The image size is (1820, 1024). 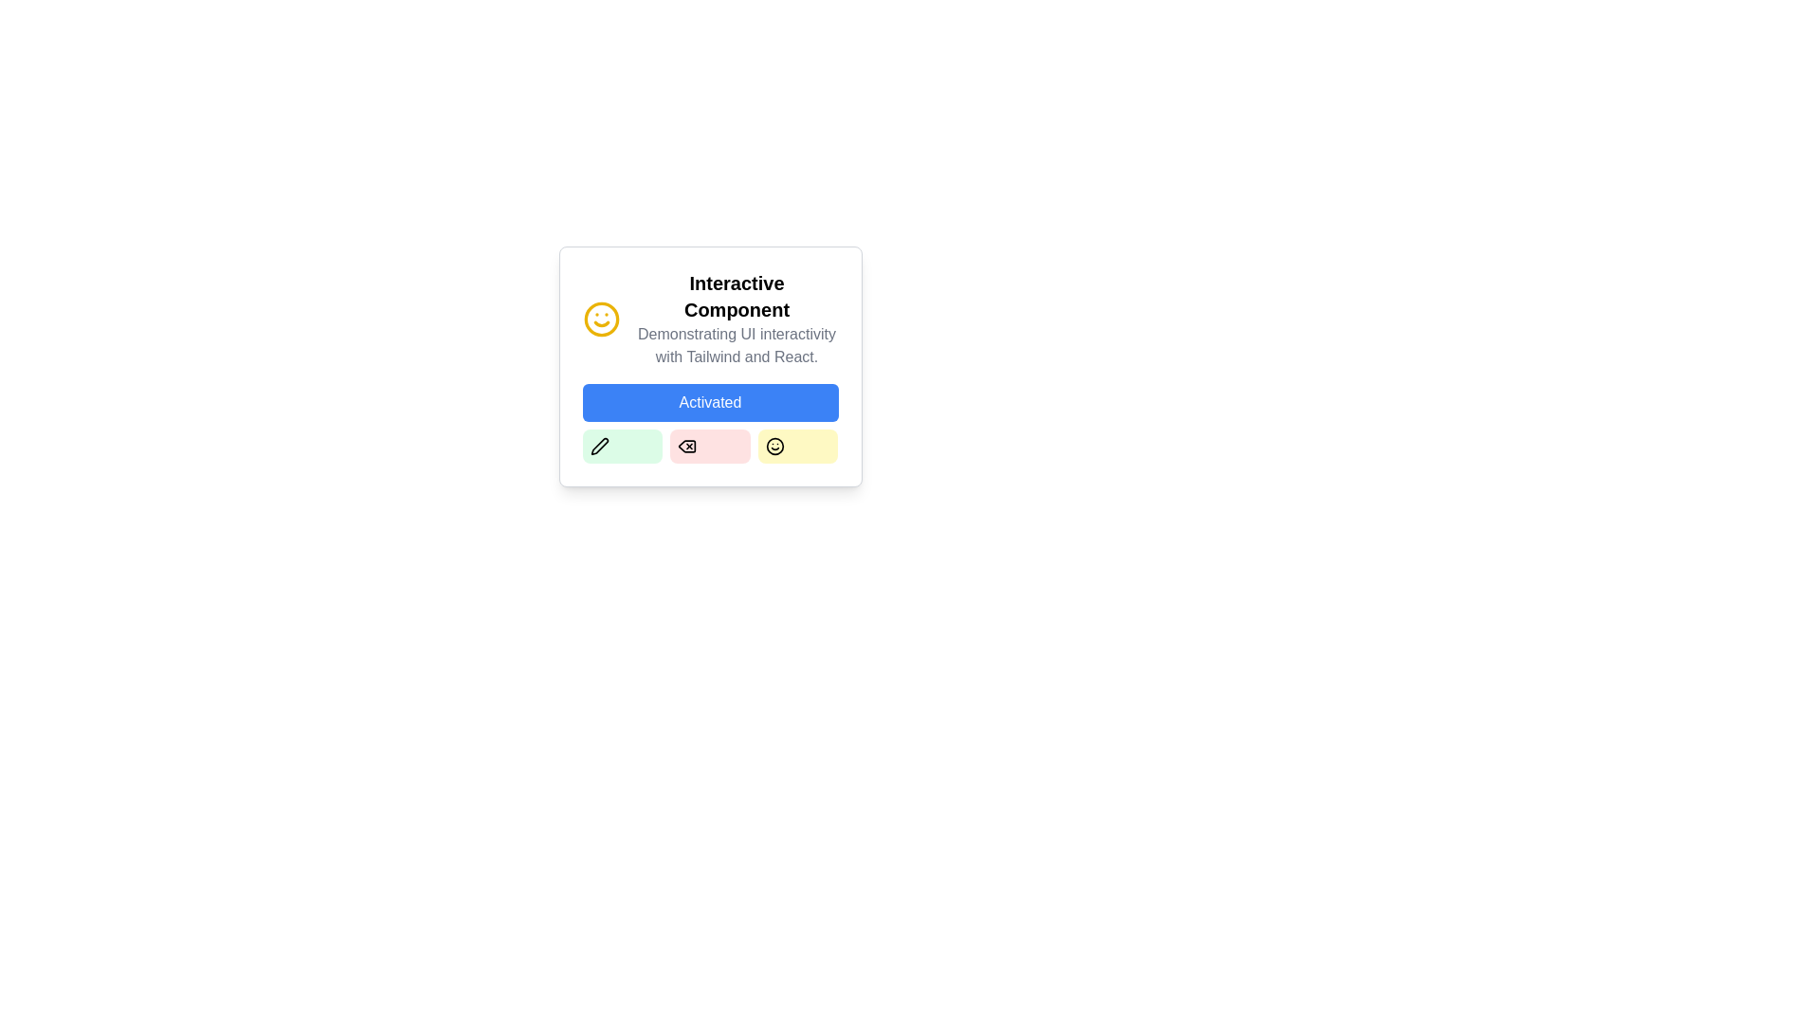 What do you see at coordinates (600, 318) in the screenshot?
I see `the circular yellow graphic that forms the outer boundary of the smiley face icon, which is located in the upper left corner of the card` at bounding box center [600, 318].